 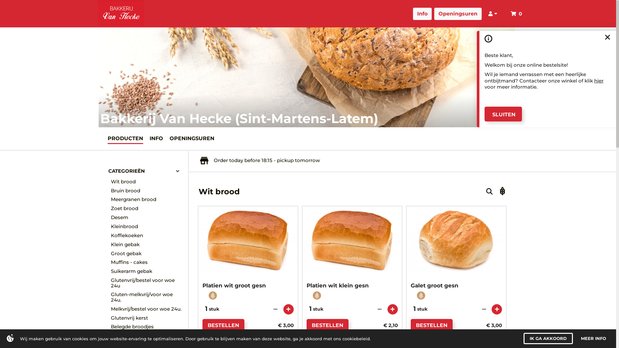 What do you see at coordinates (192, 138) in the screenshot?
I see `'OPENINGSUREN'` at bounding box center [192, 138].